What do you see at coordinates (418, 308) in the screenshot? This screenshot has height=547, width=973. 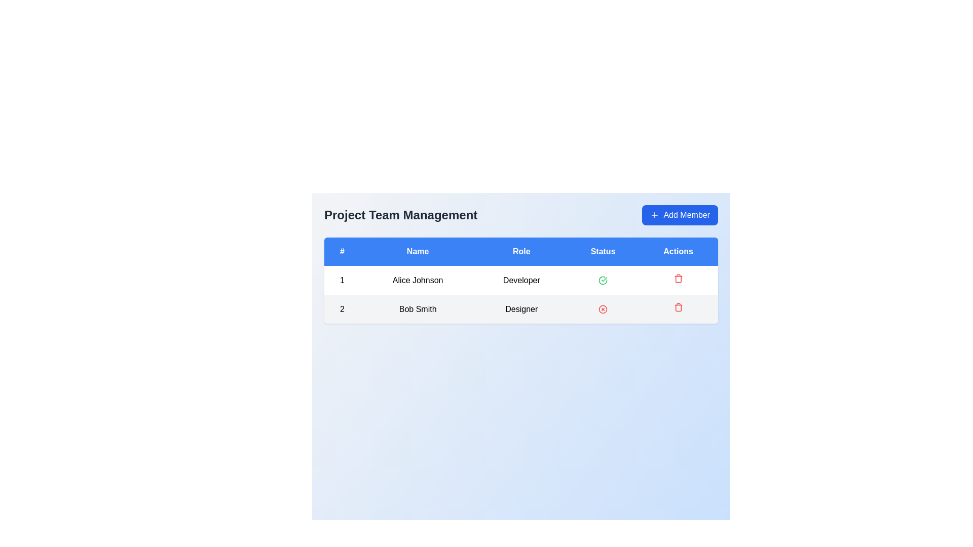 I see `text label displaying 'Bob Smith' located in the second row of the table under the 'Name' column, positioned between the number '2' and the role 'Designer'` at bounding box center [418, 308].